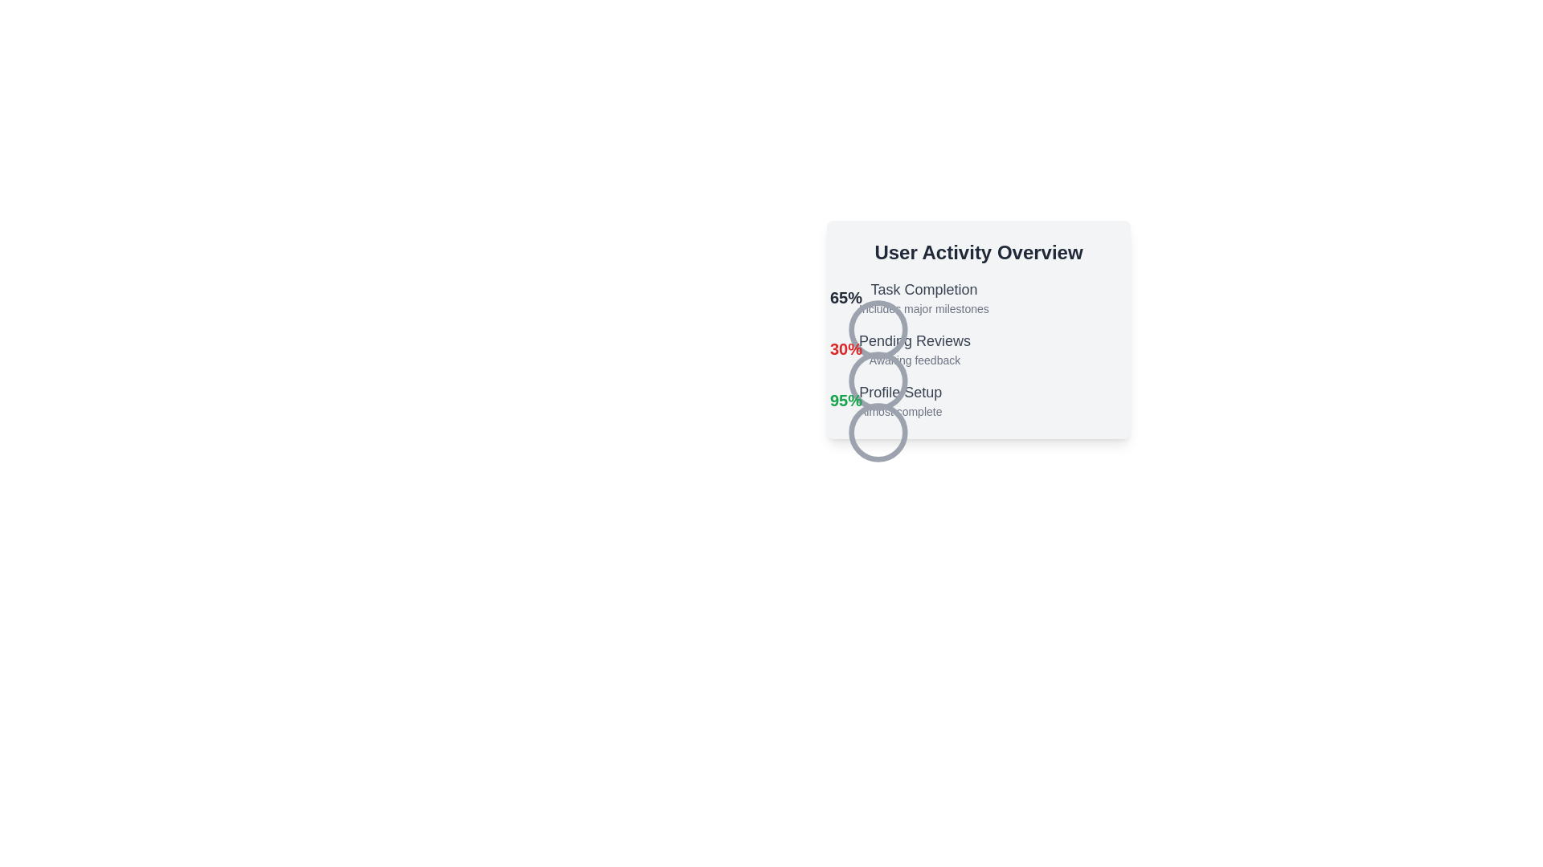 The image size is (1543, 867). Describe the element at coordinates (878, 329) in the screenshot. I see `the circular graphic marker that represents 'Pending Reviews' in the 'User Activity Overview' section` at that location.